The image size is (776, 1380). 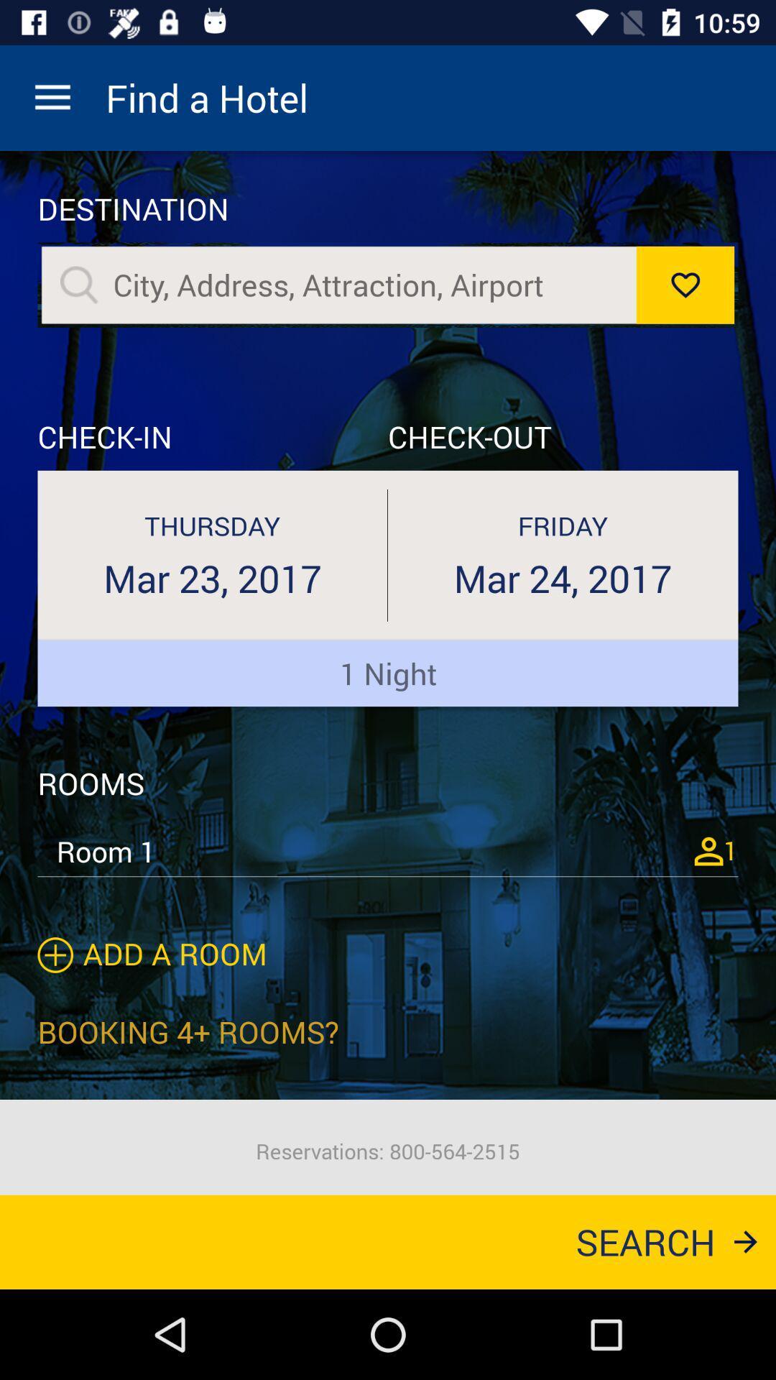 What do you see at coordinates (684, 285) in the screenshot?
I see `the favorite icon` at bounding box center [684, 285].